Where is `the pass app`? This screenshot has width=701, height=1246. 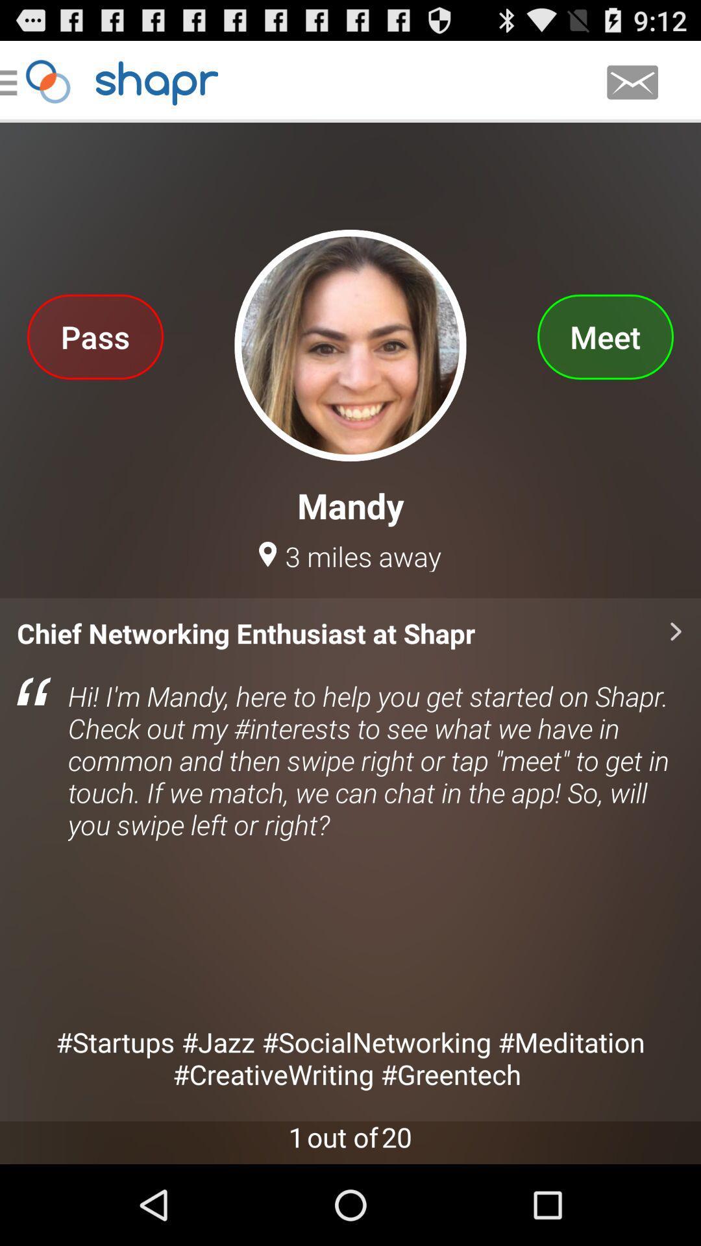 the pass app is located at coordinates (94, 336).